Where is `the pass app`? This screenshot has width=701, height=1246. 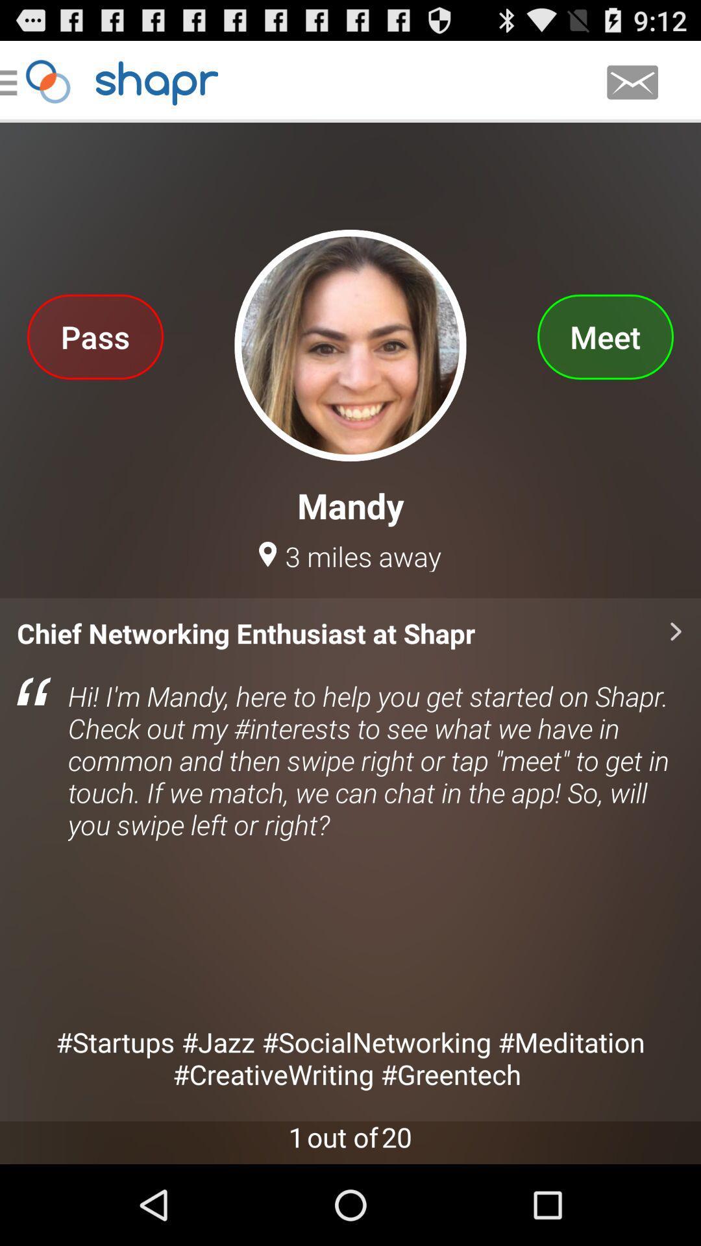 the pass app is located at coordinates (94, 336).